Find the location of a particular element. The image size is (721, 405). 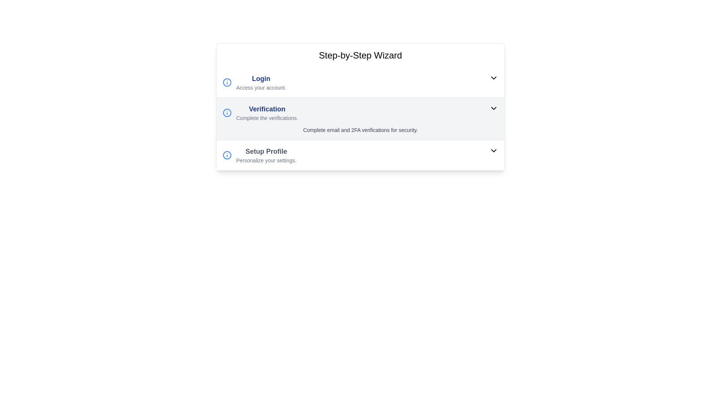

the text label 'Step-by-Step Wizard', which is displayed in a bold, large font at the top center of the wizard interface is located at coordinates (360, 55).